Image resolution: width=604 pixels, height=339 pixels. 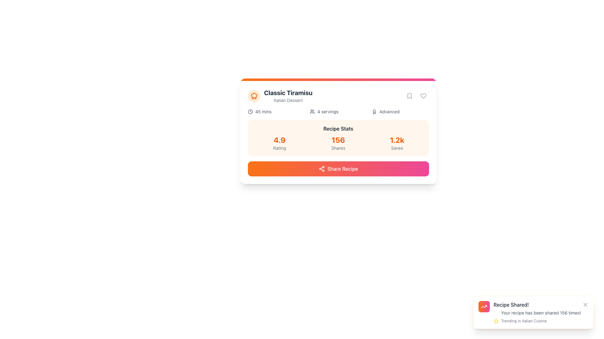 I want to click on the heart-shaped 'like' icon outlined in gray located in the top-right corner of the recipe details card, so click(x=423, y=96).